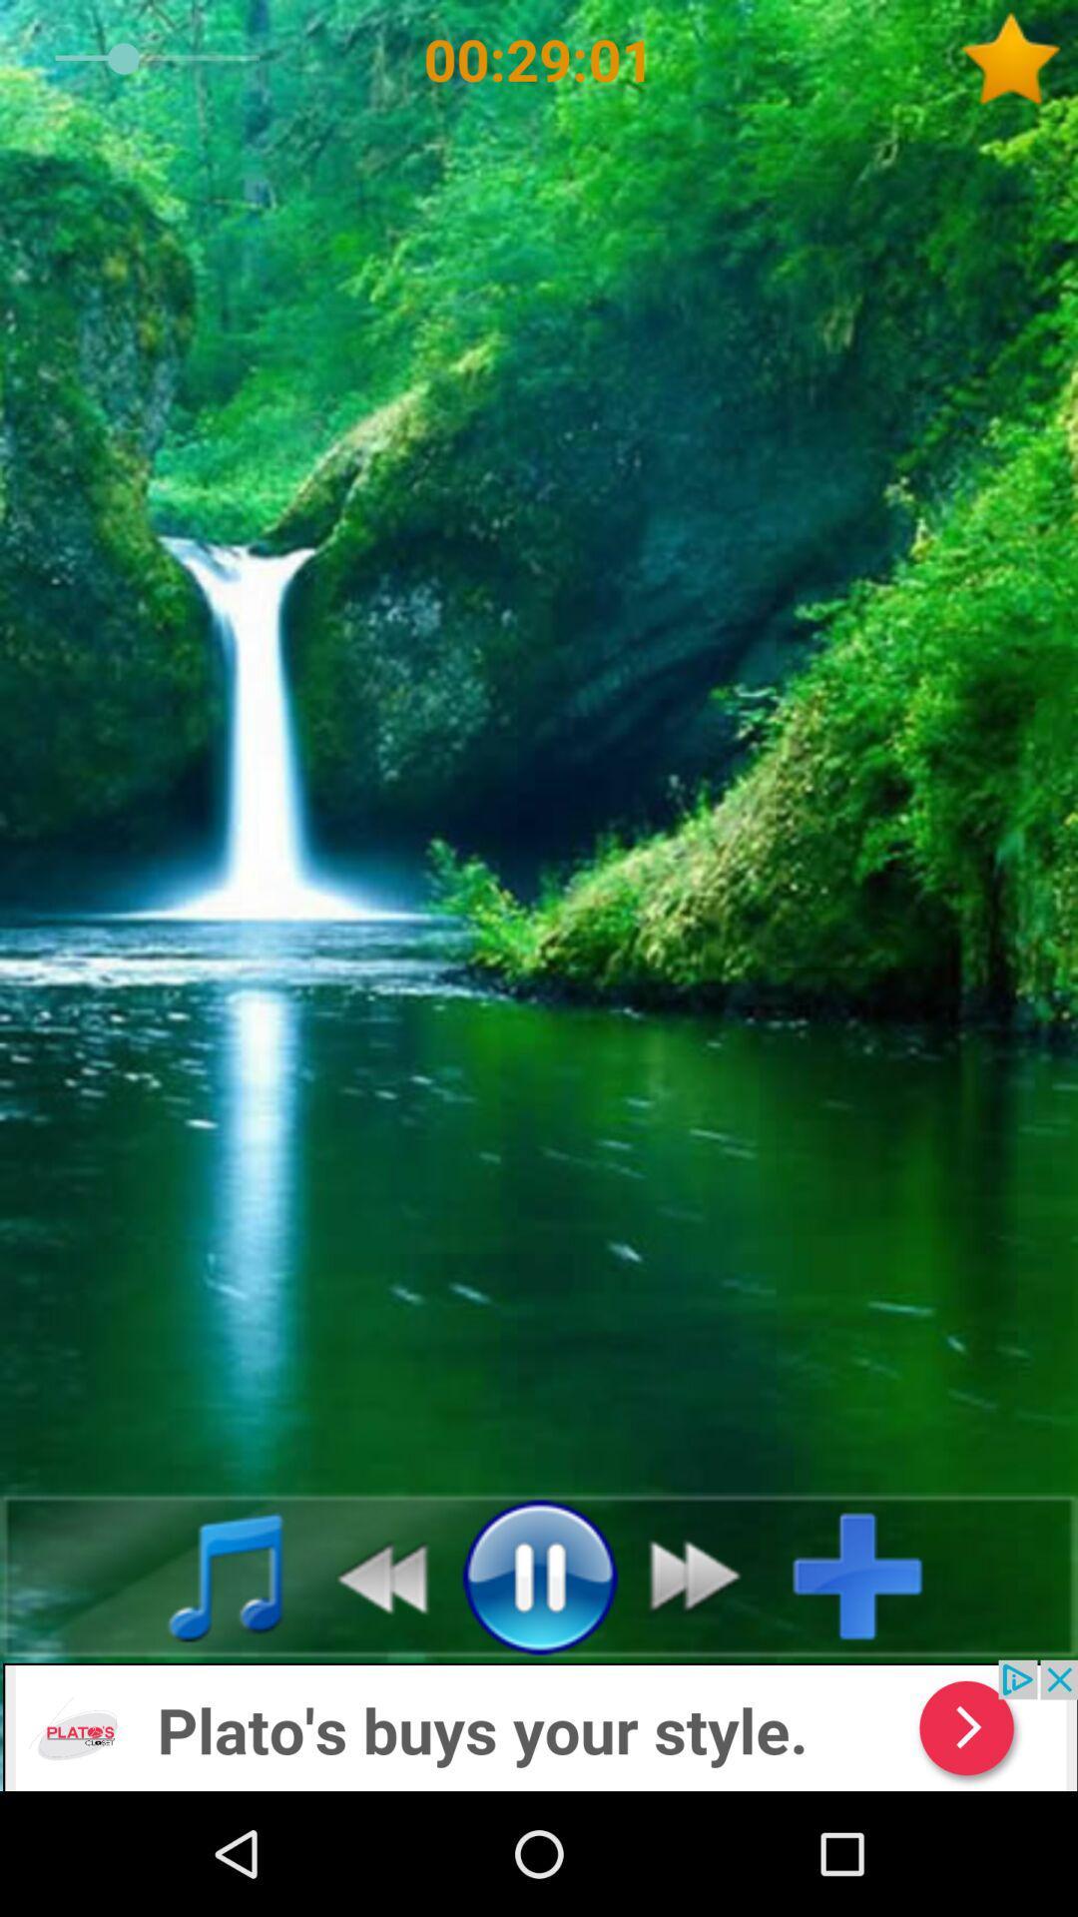  Describe the element at coordinates (706, 1575) in the screenshot. I see `next` at that location.